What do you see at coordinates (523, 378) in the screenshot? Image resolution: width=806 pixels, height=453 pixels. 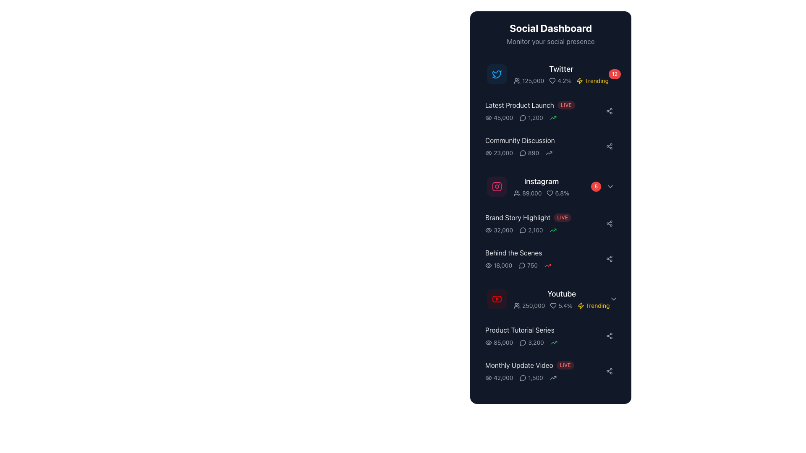 I see `the small circular speech or message bubble icon located to the left of the numeric text '1,500' in the 'Monthly Update Video' section of the list` at bounding box center [523, 378].